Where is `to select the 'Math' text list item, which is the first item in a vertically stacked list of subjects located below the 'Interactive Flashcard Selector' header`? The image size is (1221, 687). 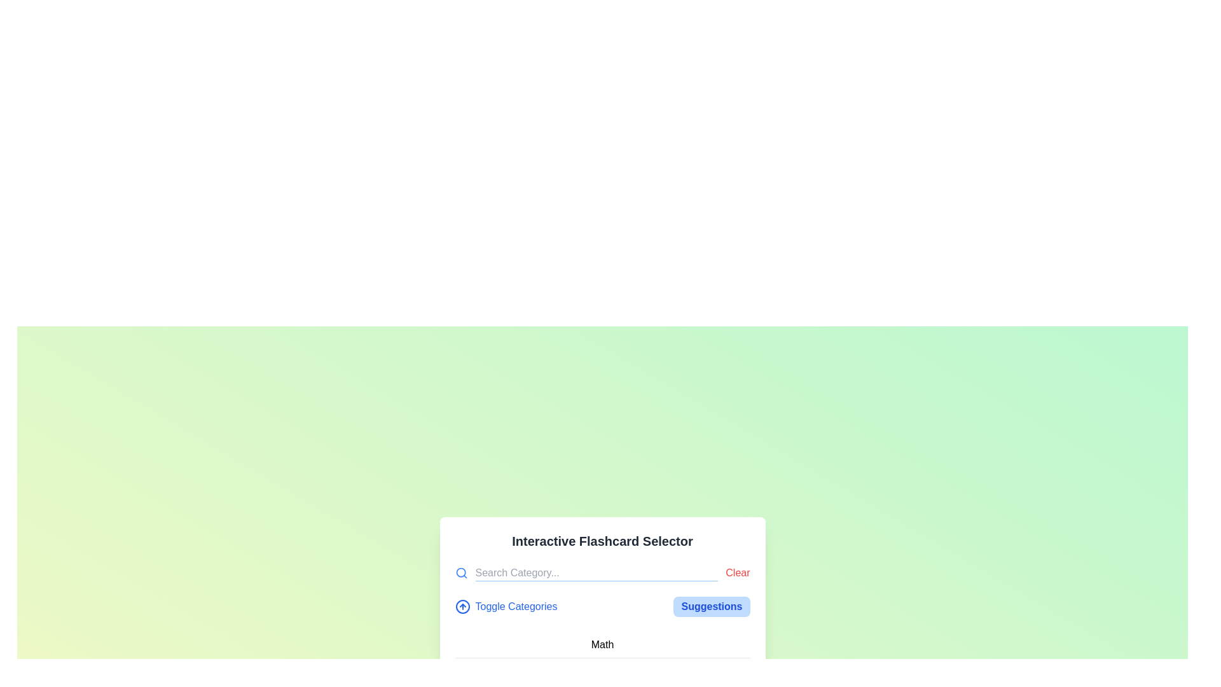
to select the 'Math' text list item, which is the first item in a vertically stacked list of subjects located below the 'Interactive Flashcard Selector' header is located at coordinates (602, 644).